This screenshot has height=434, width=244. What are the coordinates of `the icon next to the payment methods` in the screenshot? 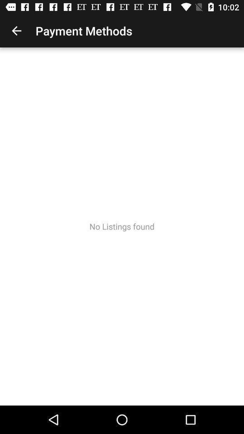 It's located at (16, 31).